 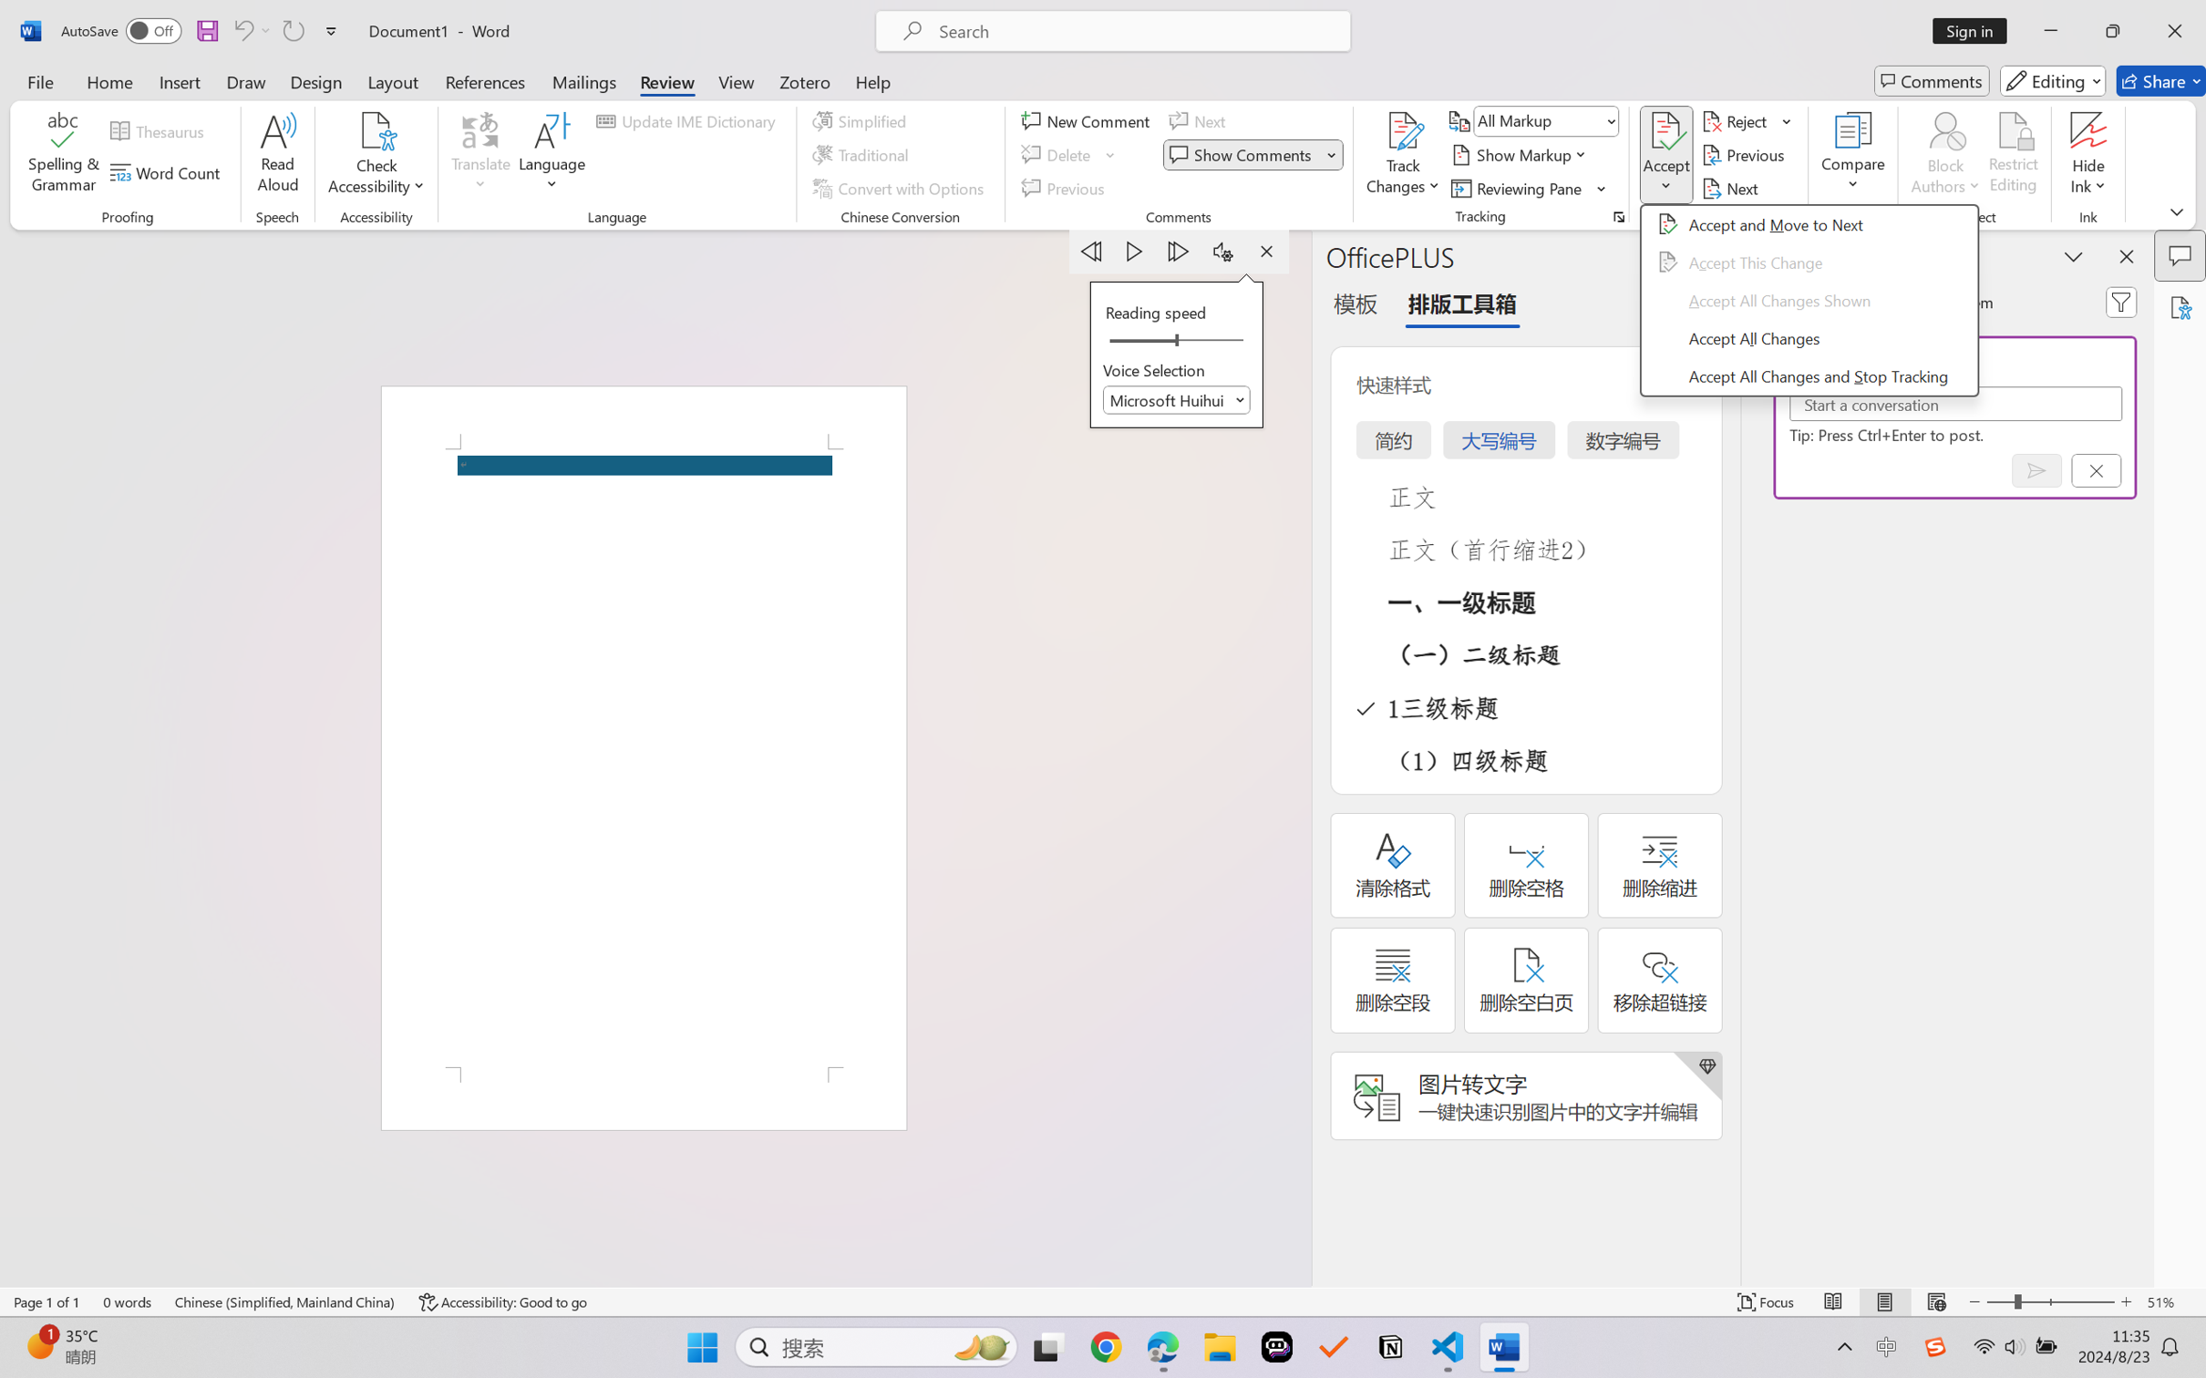 I want to click on 'Change Tracking Options...', so click(x=1618, y=216).